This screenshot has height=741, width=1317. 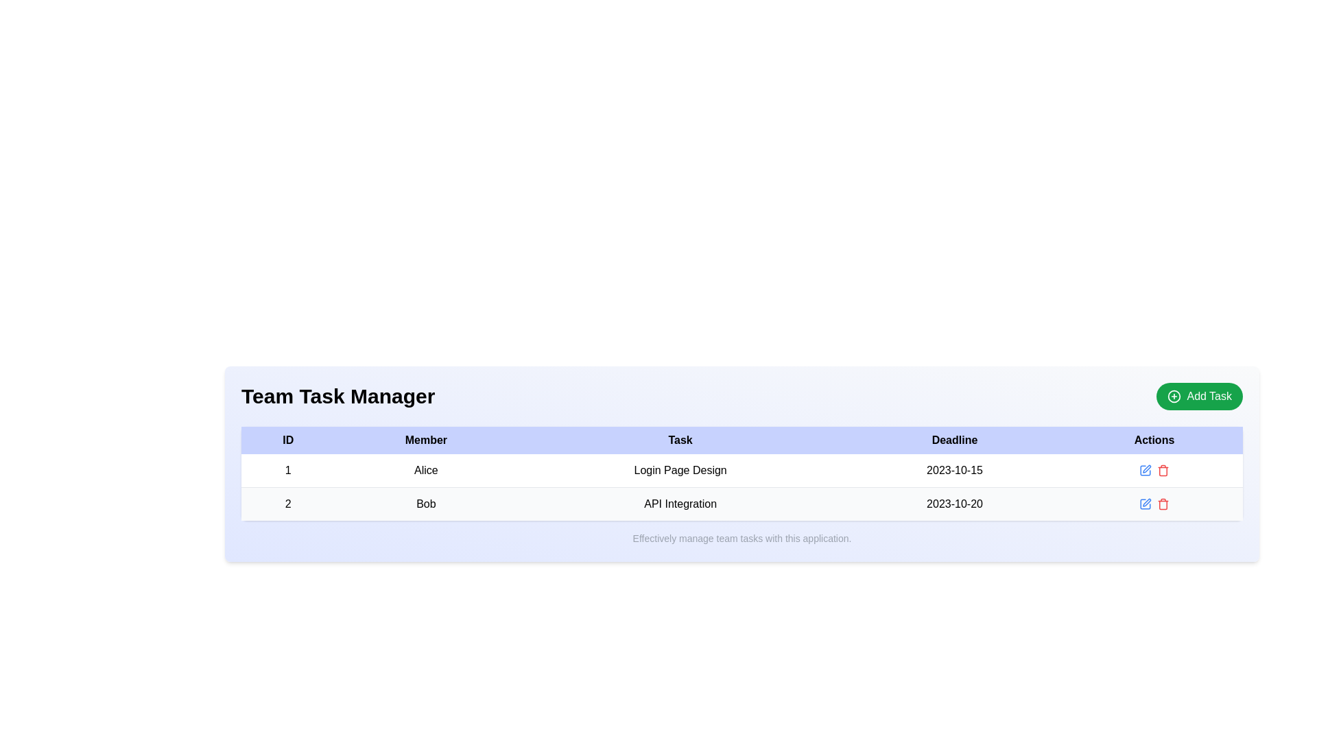 What do you see at coordinates (1174, 397) in the screenshot?
I see `the central circular icon of the 'Add Task' button located at the top-right corner of the user interface` at bounding box center [1174, 397].